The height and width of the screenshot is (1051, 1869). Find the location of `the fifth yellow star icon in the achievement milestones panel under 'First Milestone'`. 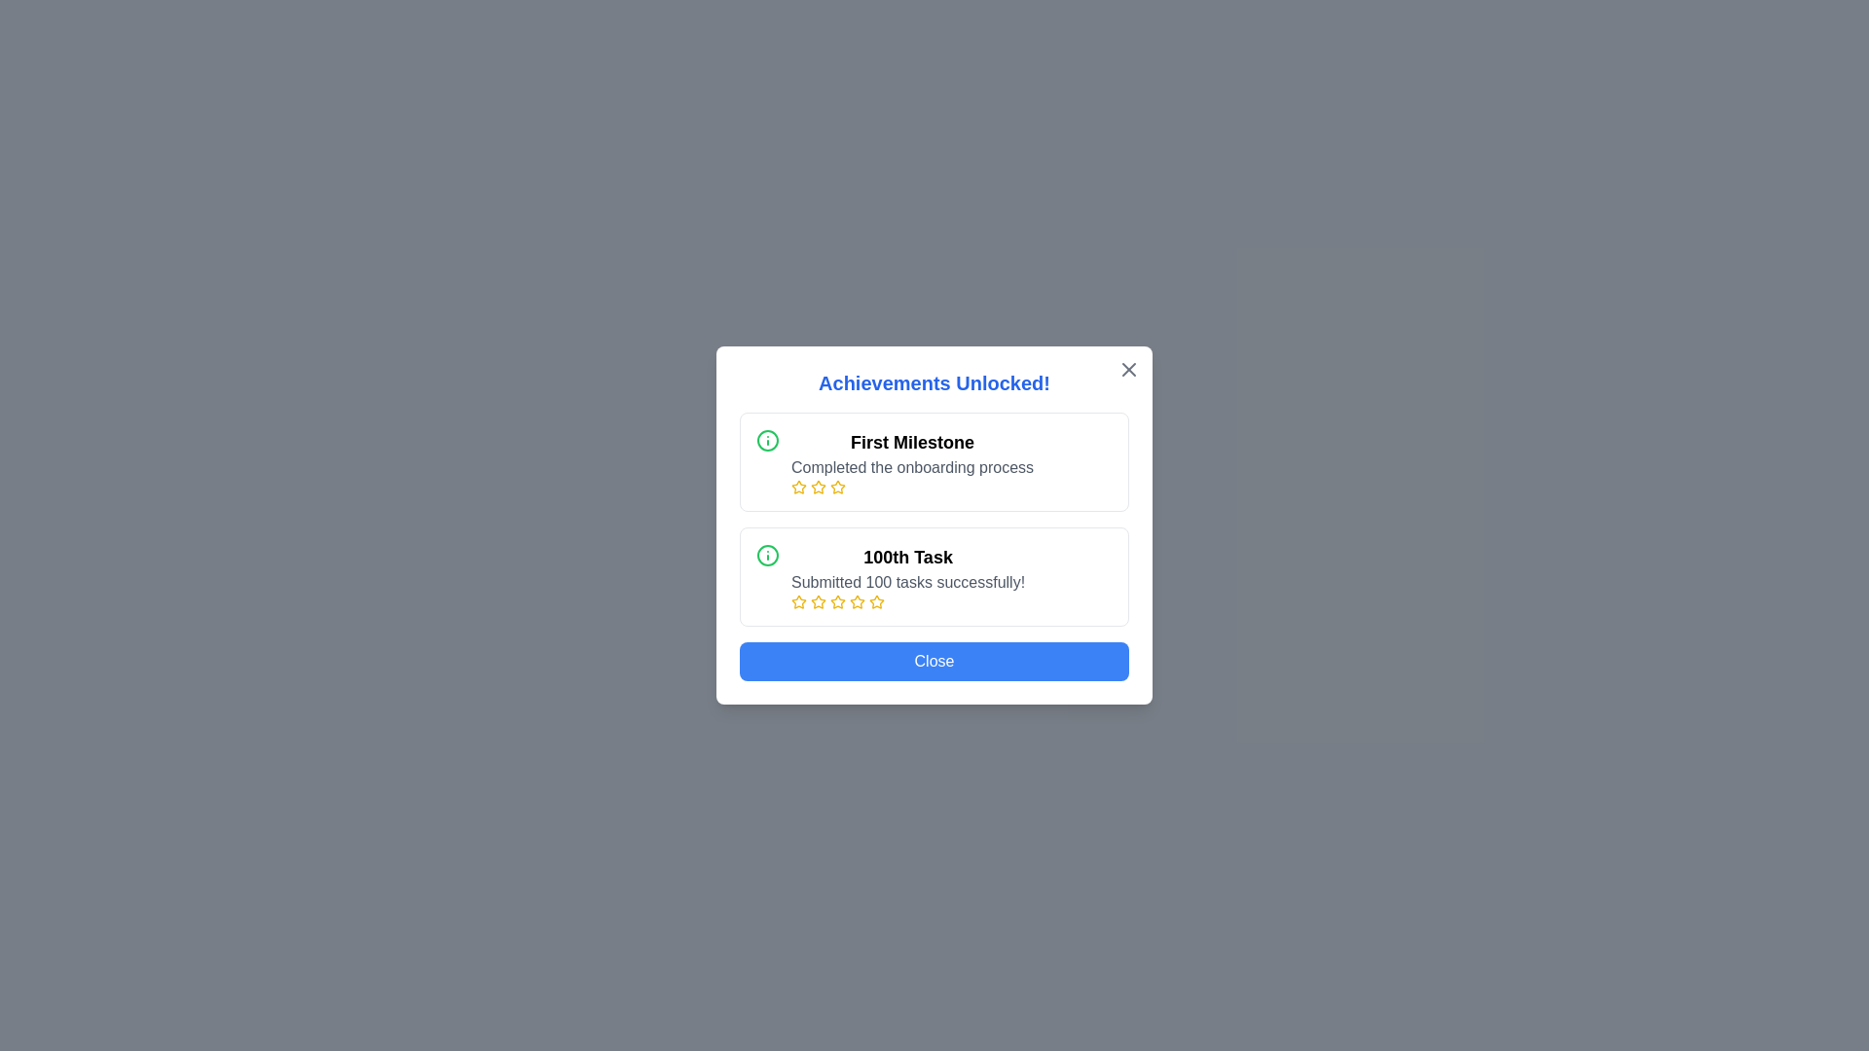

the fifth yellow star icon in the achievement milestones panel under 'First Milestone' is located at coordinates (837, 487).